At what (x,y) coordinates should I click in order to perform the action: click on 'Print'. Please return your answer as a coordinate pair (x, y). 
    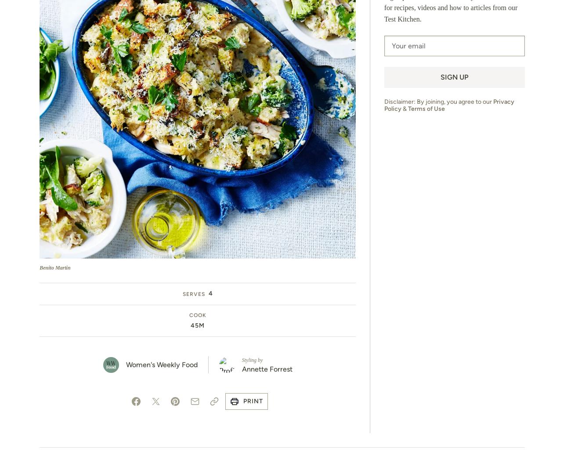
    Looking at the image, I should click on (253, 401).